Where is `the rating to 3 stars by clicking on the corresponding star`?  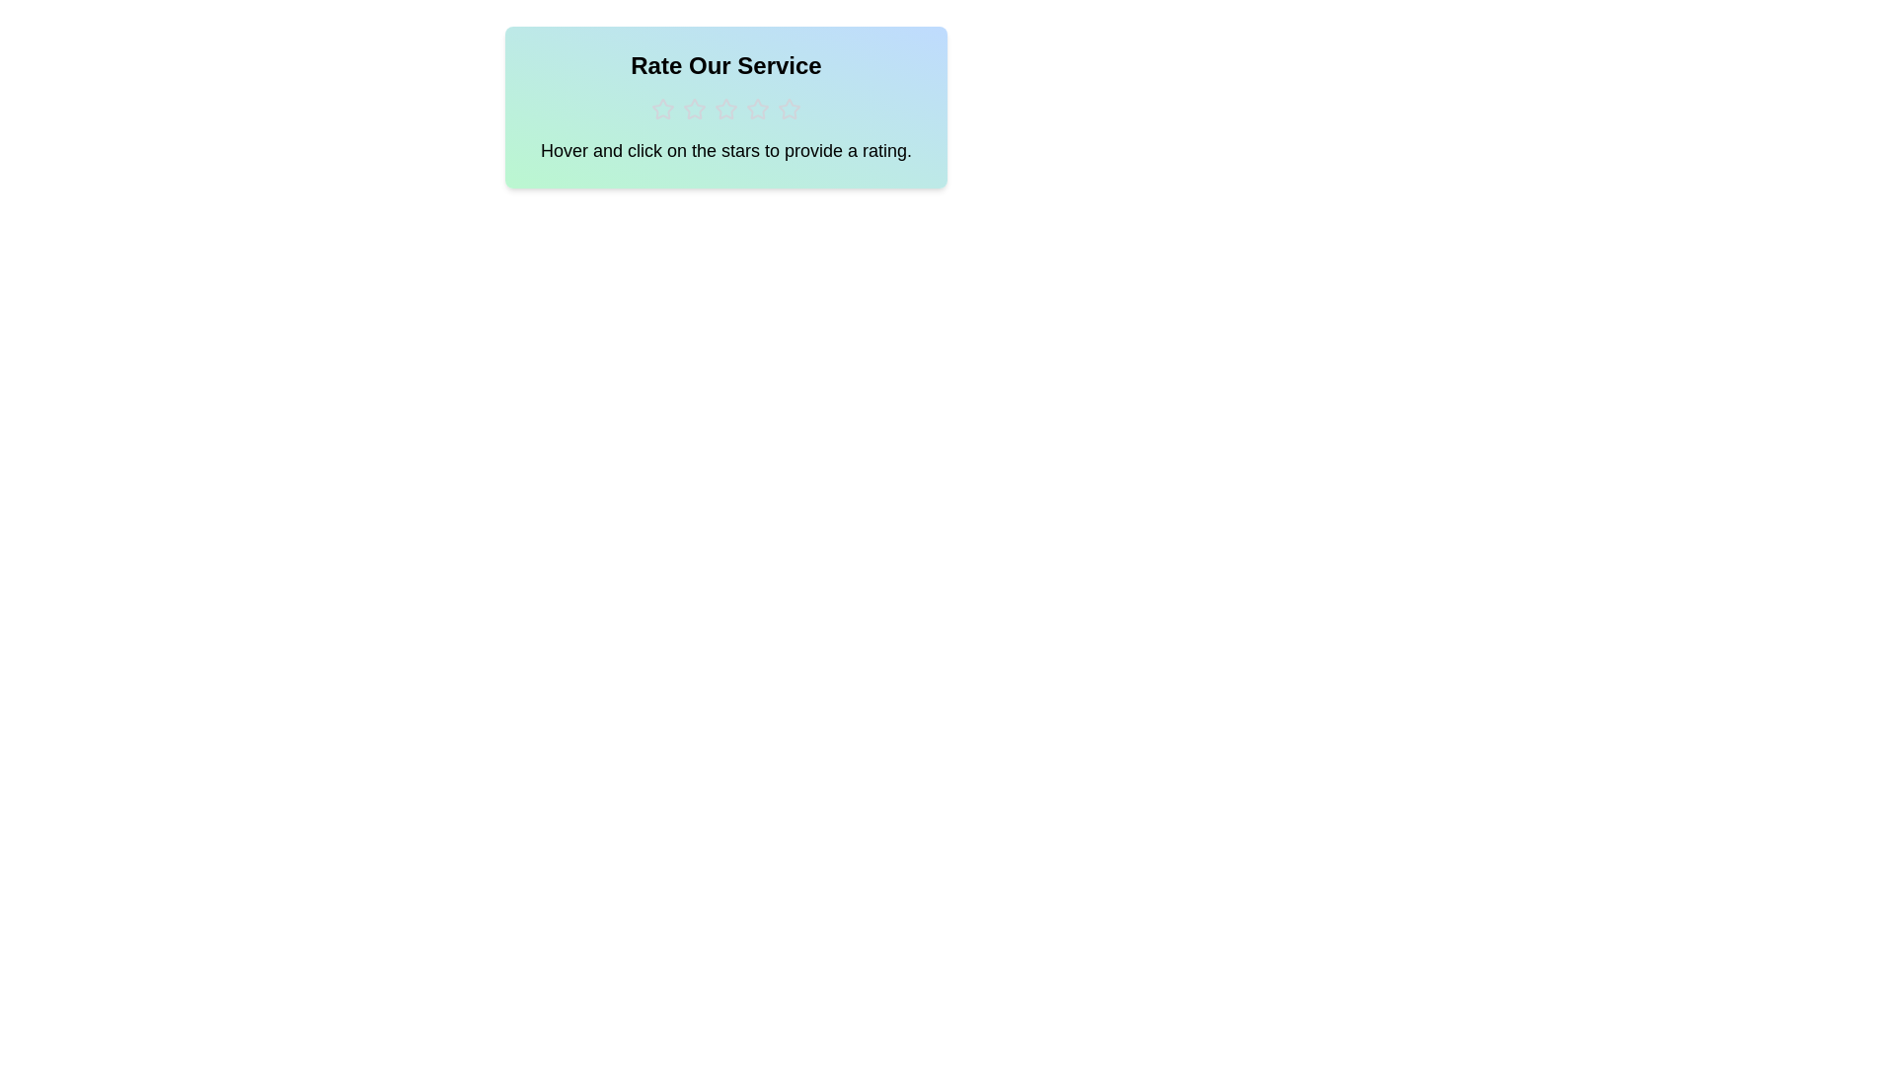 the rating to 3 stars by clicking on the corresponding star is located at coordinates (724, 110).